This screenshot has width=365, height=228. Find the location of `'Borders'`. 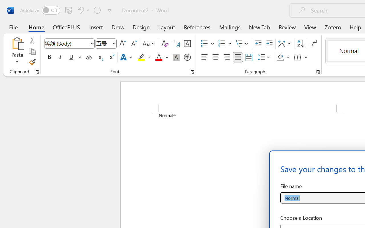

'Borders' is located at coordinates (301, 57).